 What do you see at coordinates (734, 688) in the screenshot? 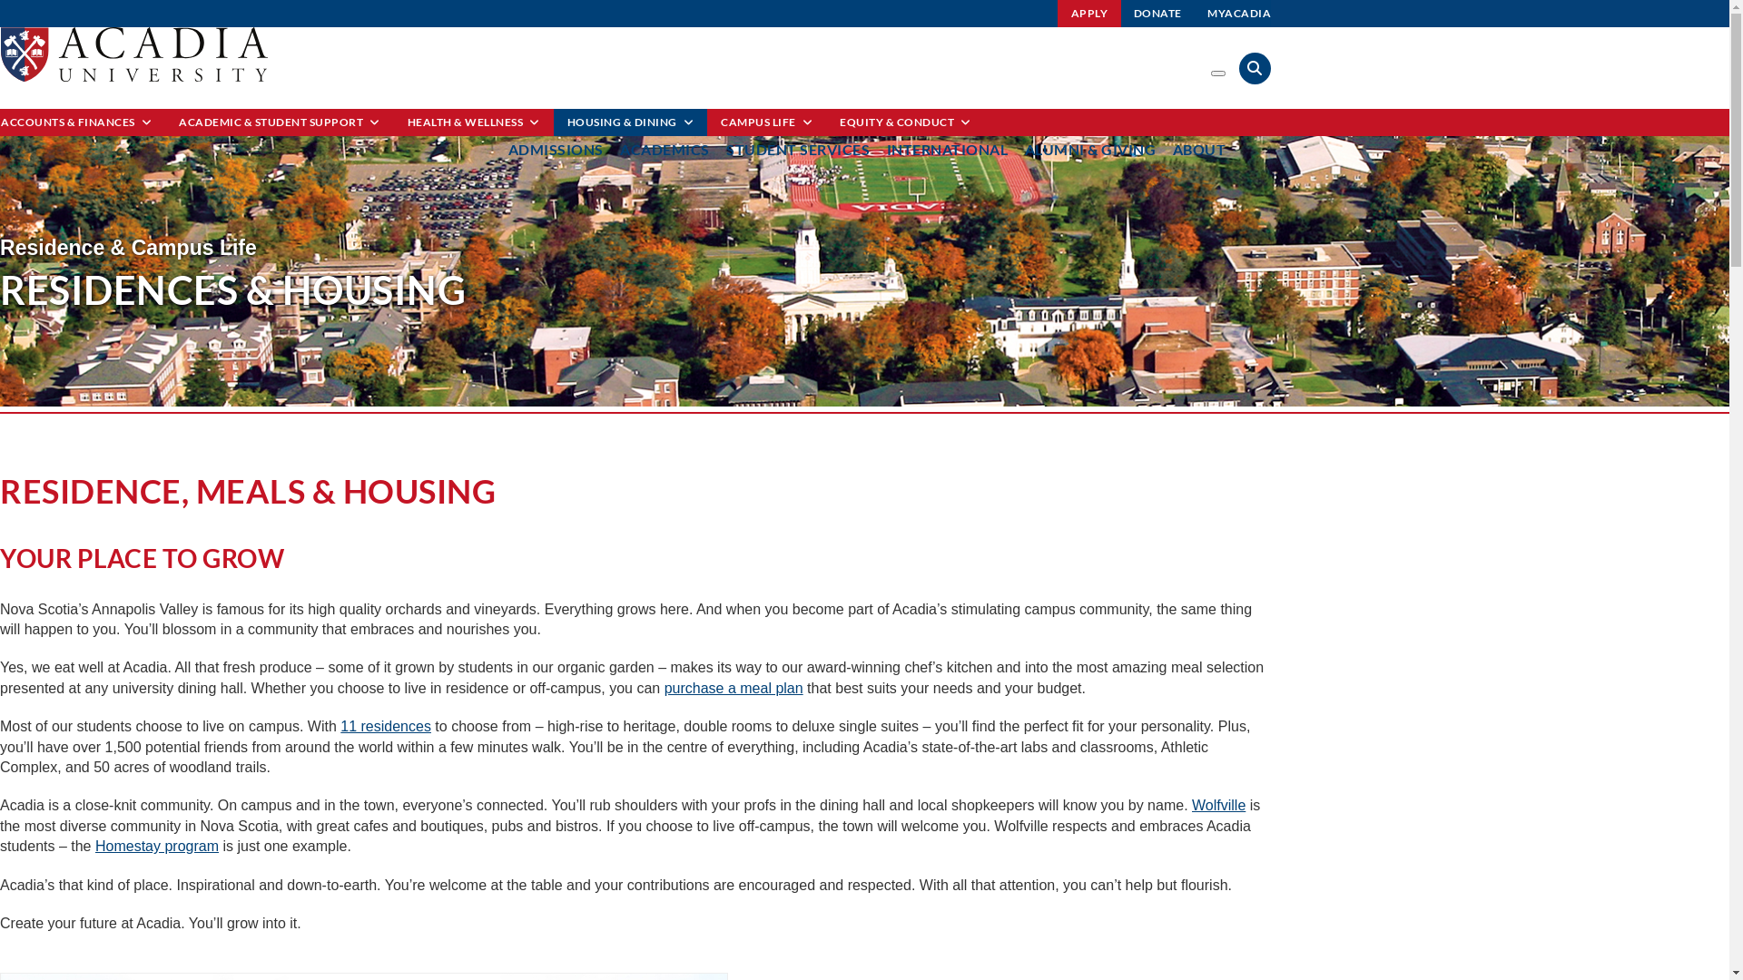
I see `'purchase a meal plan'` at bounding box center [734, 688].